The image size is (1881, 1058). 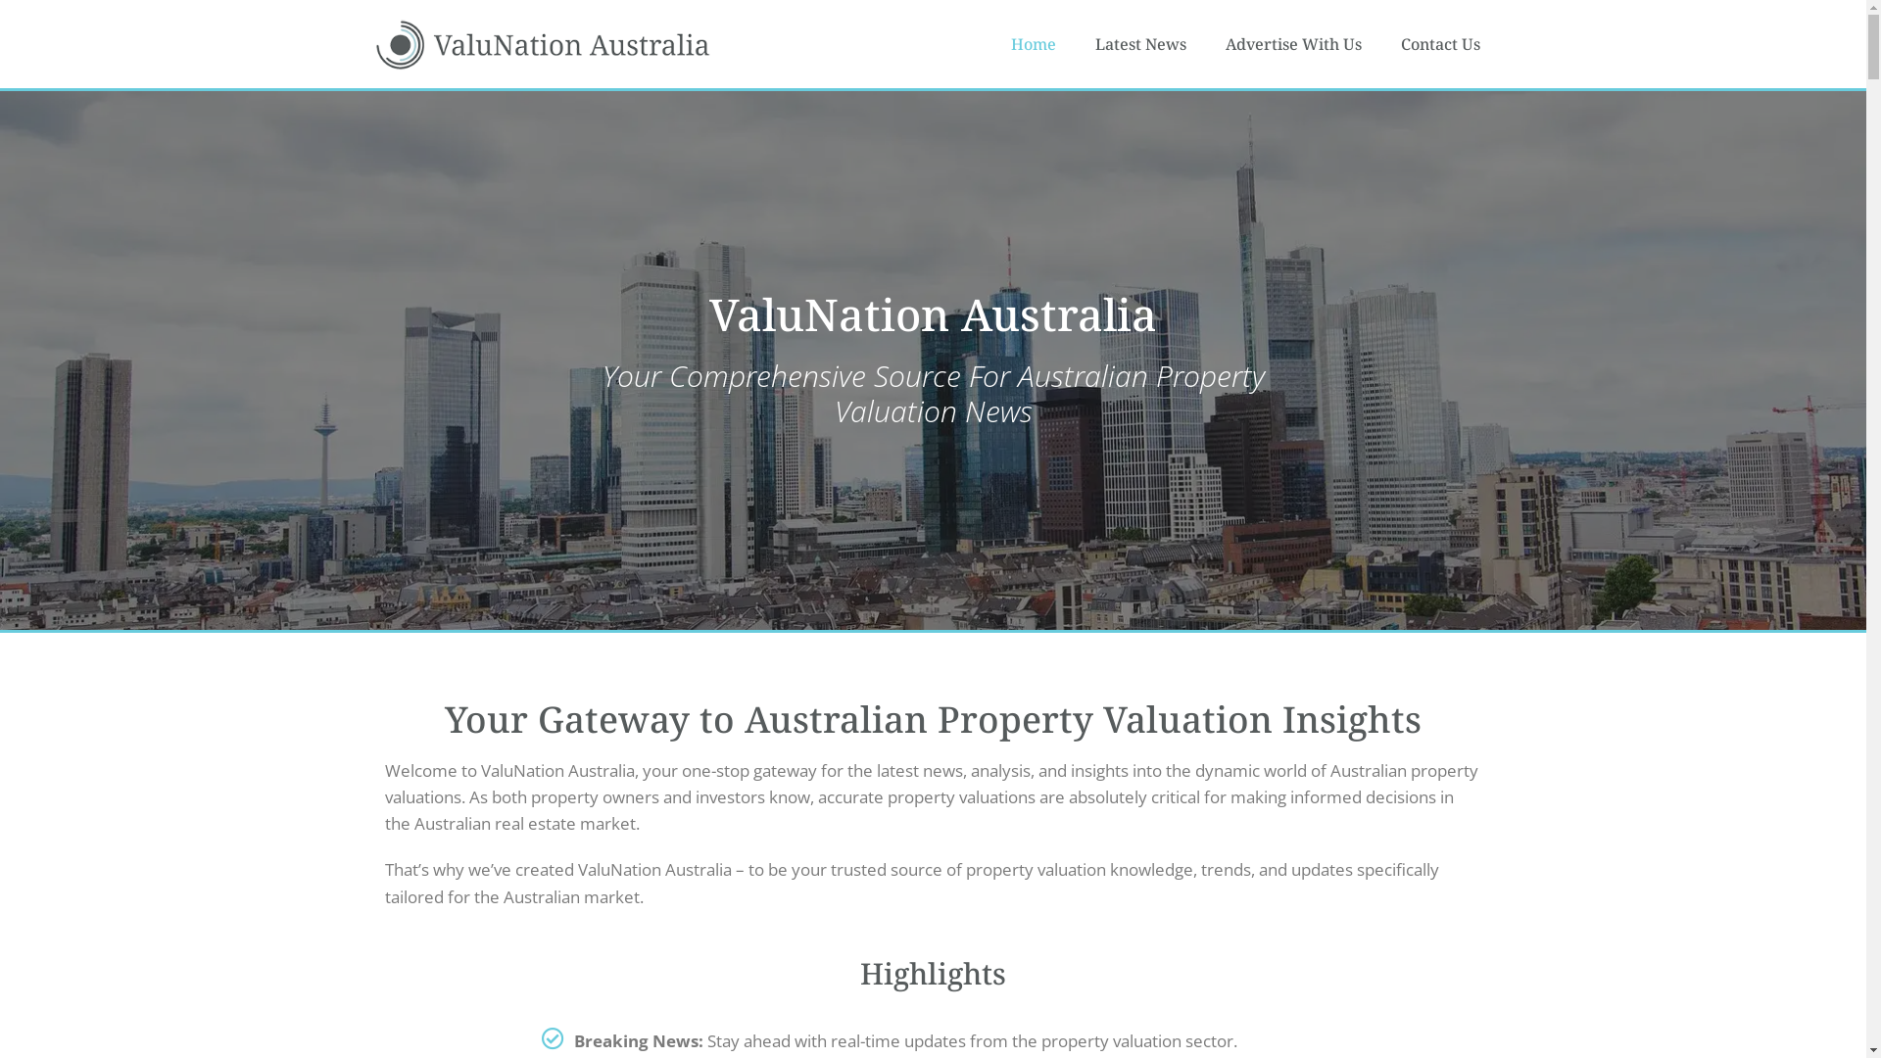 What do you see at coordinates (1140, 44) in the screenshot?
I see `'Latest News'` at bounding box center [1140, 44].